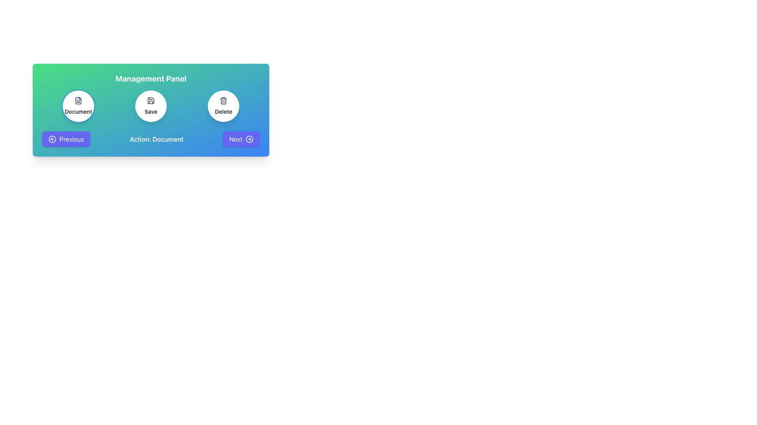  Describe the element at coordinates (151, 110) in the screenshot. I see `the 'Save' button located in the middle of three circular buttons within the 'Management Panel' to initiate the save action` at that location.